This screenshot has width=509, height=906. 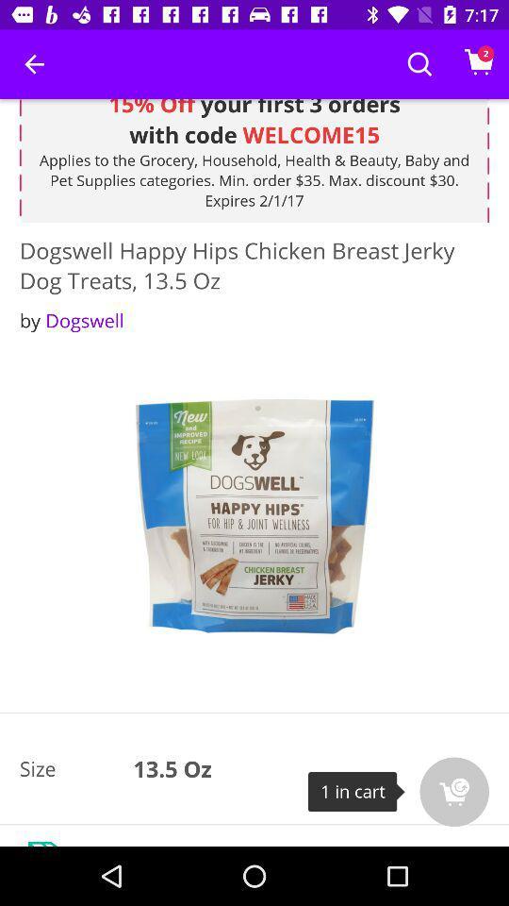 I want to click on the cart icon, so click(x=453, y=792).